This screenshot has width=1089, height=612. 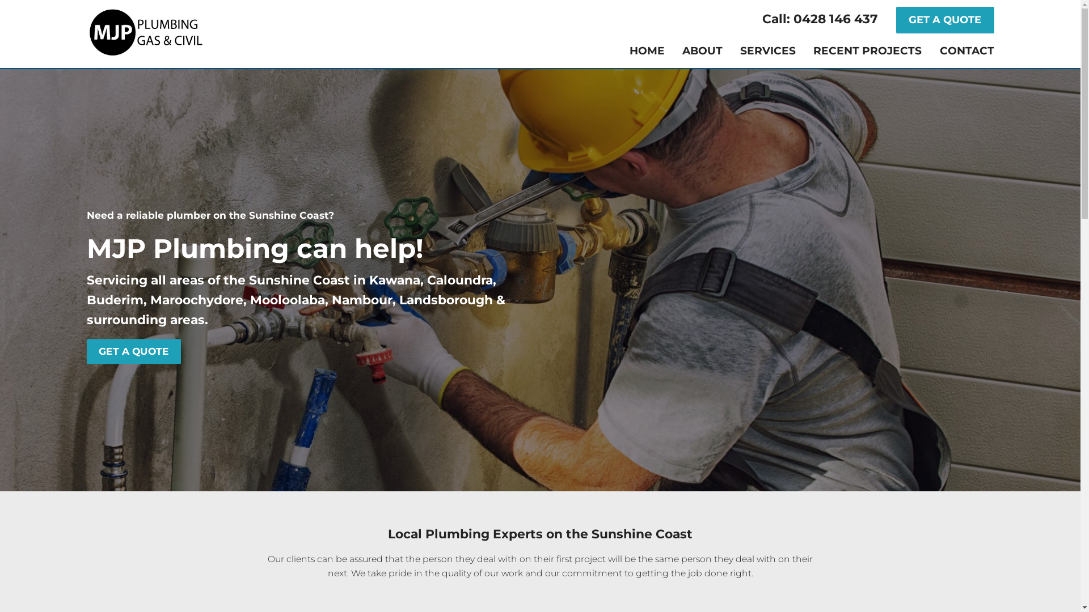 What do you see at coordinates (895, 20) in the screenshot?
I see `'GET A QUOTE'` at bounding box center [895, 20].